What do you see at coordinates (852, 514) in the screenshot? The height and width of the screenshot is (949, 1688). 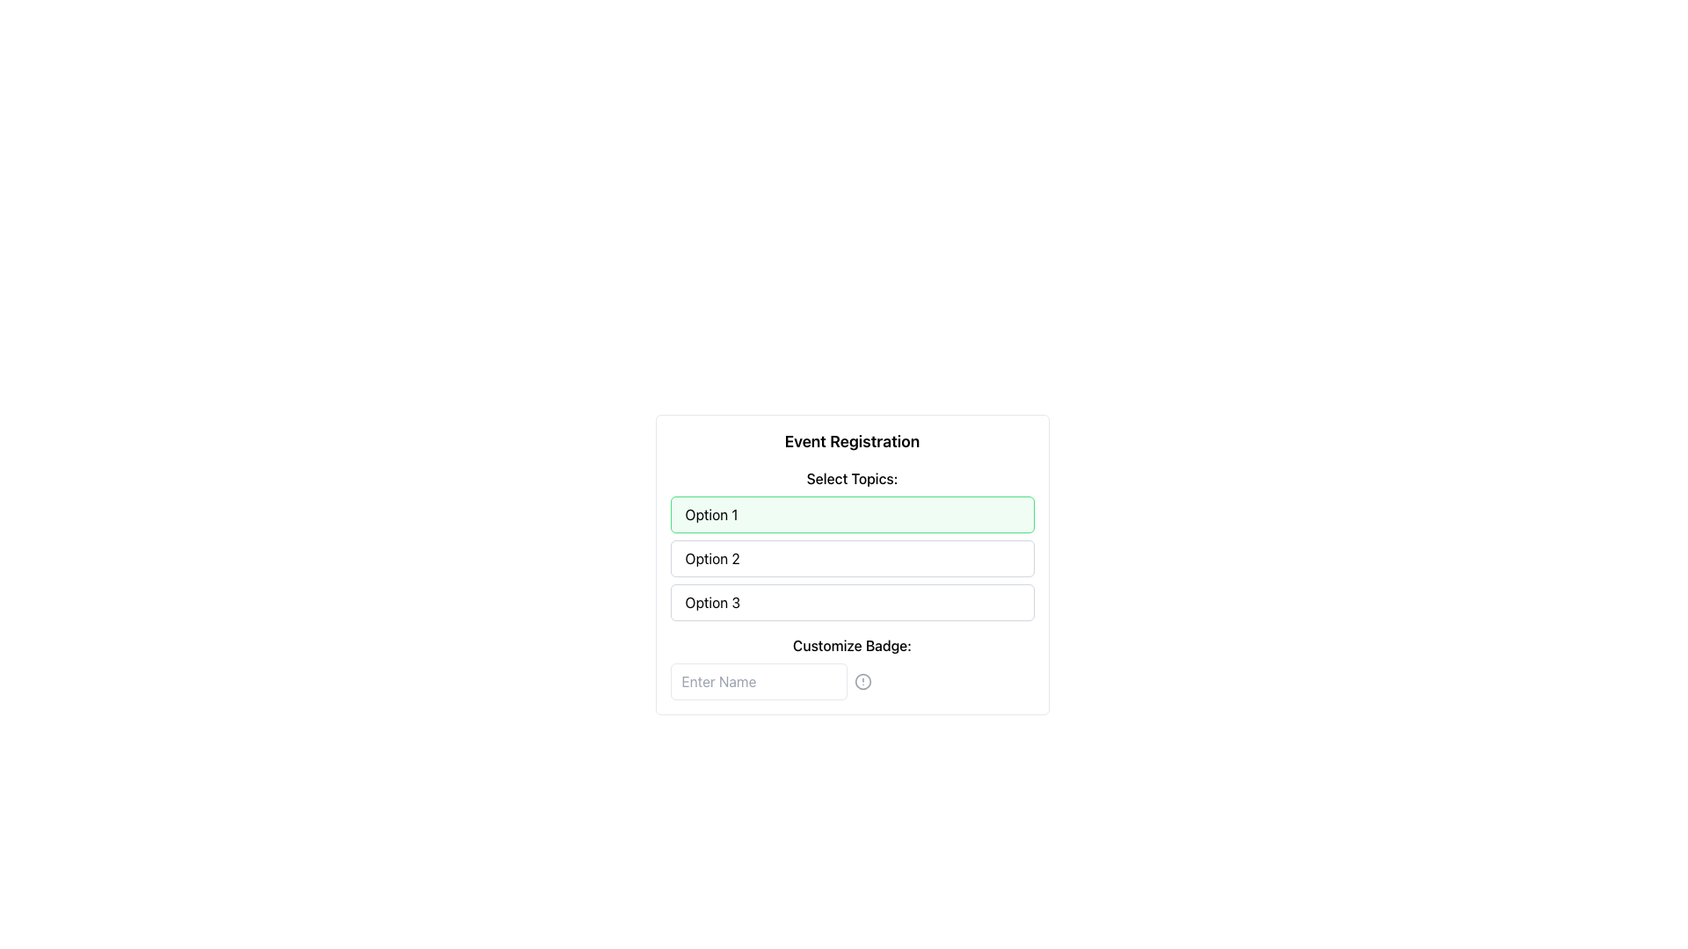 I see `the first button in the vertical list of options labeled 'Option 1' within the 'Event Registration' card` at bounding box center [852, 514].